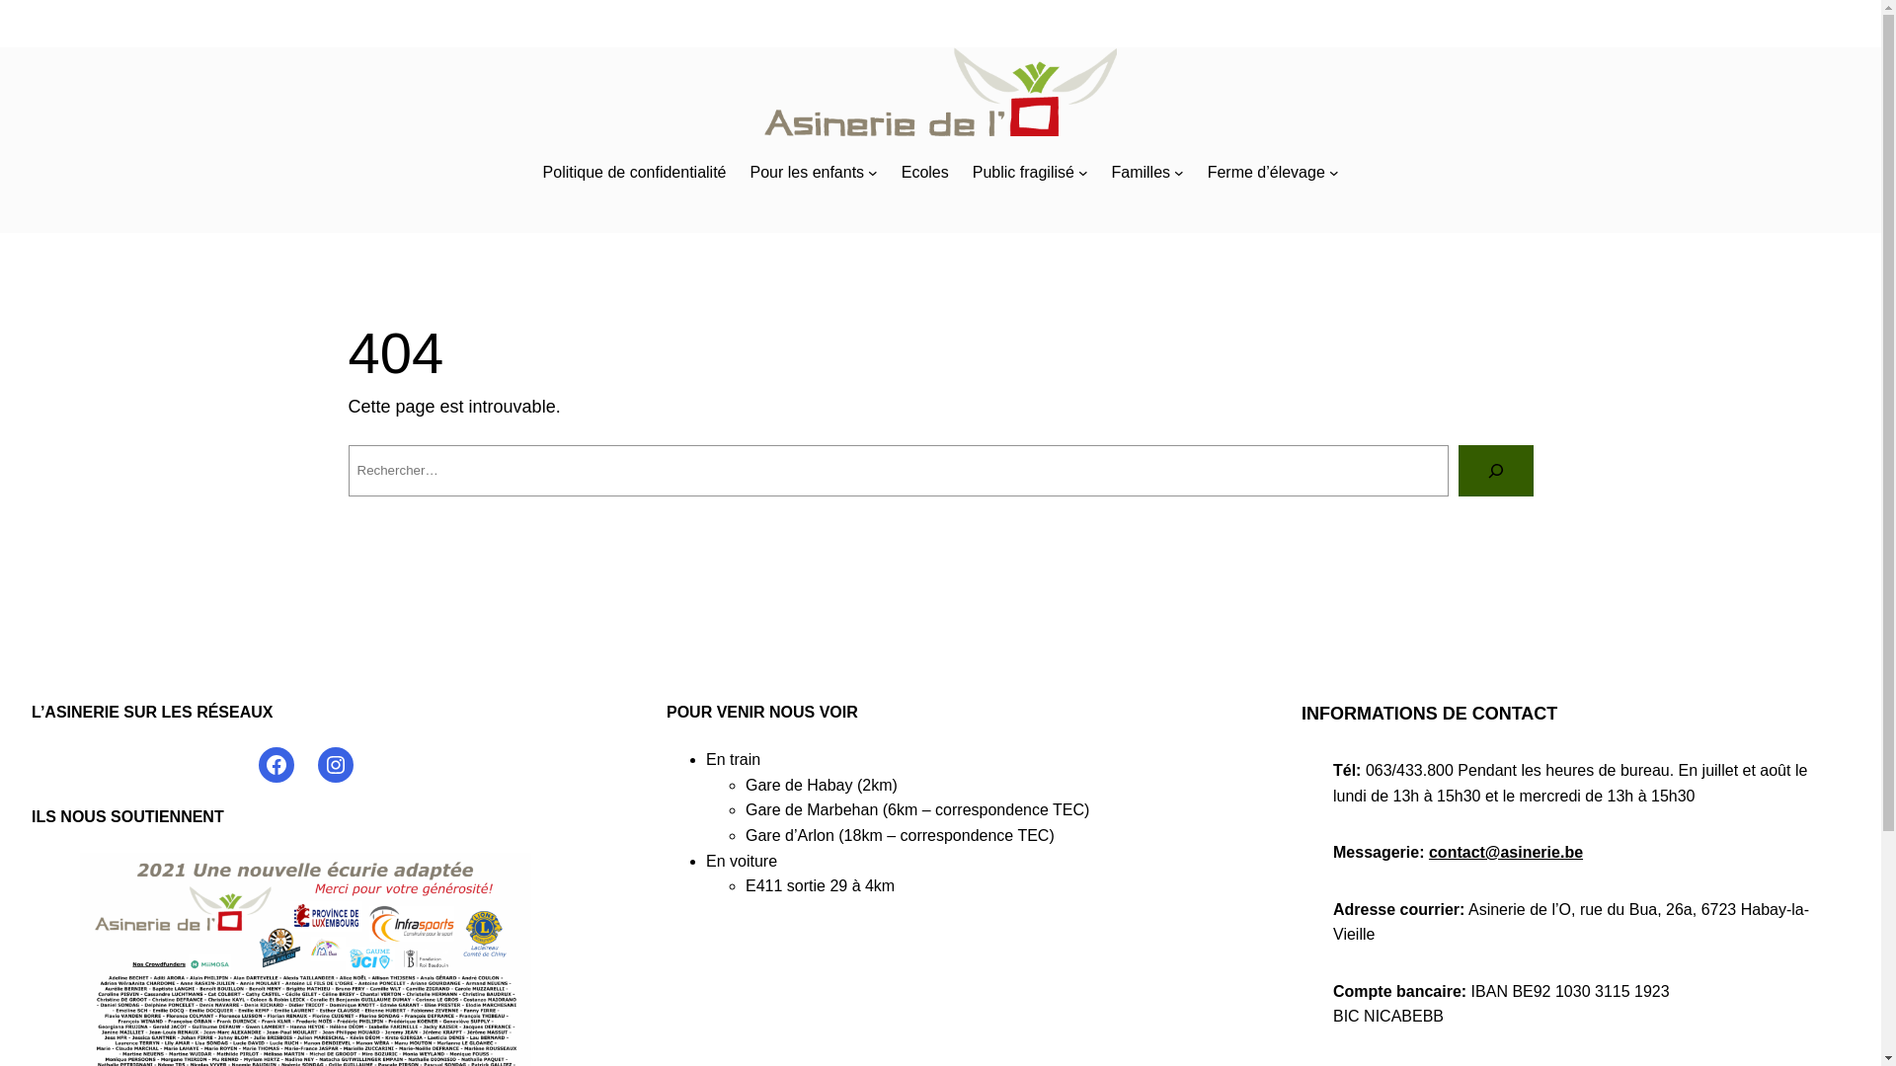 This screenshot has width=1896, height=1066. What do you see at coordinates (275, 764) in the screenshot?
I see `'Facebook'` at bounding box center [275, 764].